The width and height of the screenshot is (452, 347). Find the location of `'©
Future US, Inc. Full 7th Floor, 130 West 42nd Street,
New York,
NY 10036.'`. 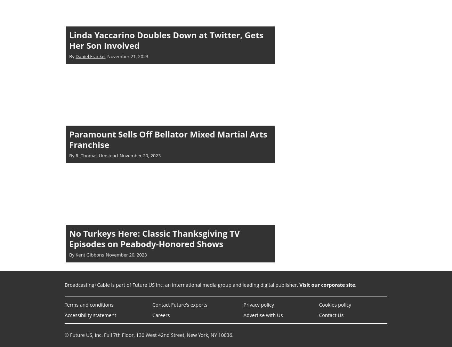

'©
Future US, Inc. Full 7th Floor, 130 West 42nd Street,
New York,
NY 10036.' is located at coordinates (149, 334).